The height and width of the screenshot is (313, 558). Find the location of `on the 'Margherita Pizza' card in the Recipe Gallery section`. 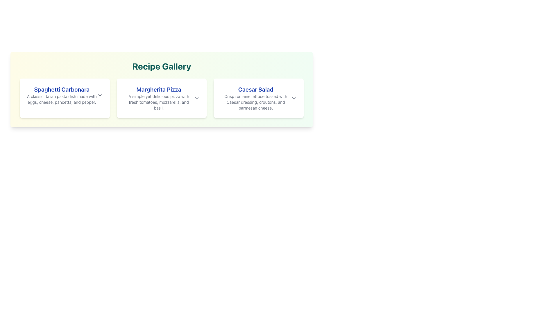

on the 'Margherita Pizza' card in the Recipe Gallery section is located at coordinates (162, 98).